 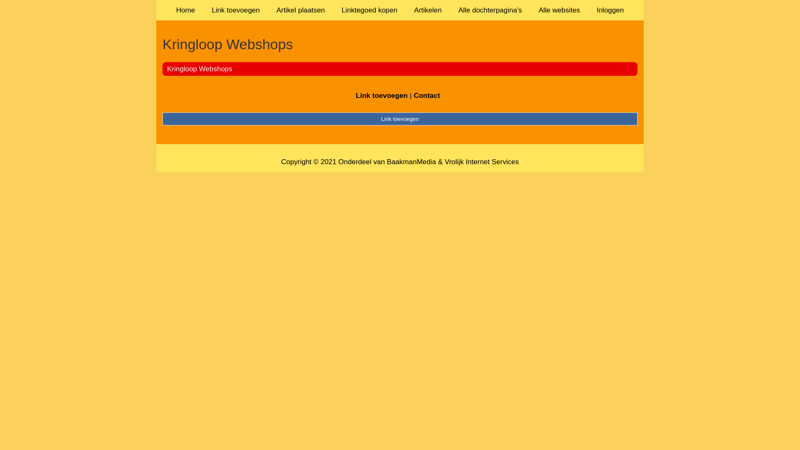 What do you see at coordinates (411, 162) in the screenshot?
I see `'BaakmanMedia'` at bounding box center [411, 162].